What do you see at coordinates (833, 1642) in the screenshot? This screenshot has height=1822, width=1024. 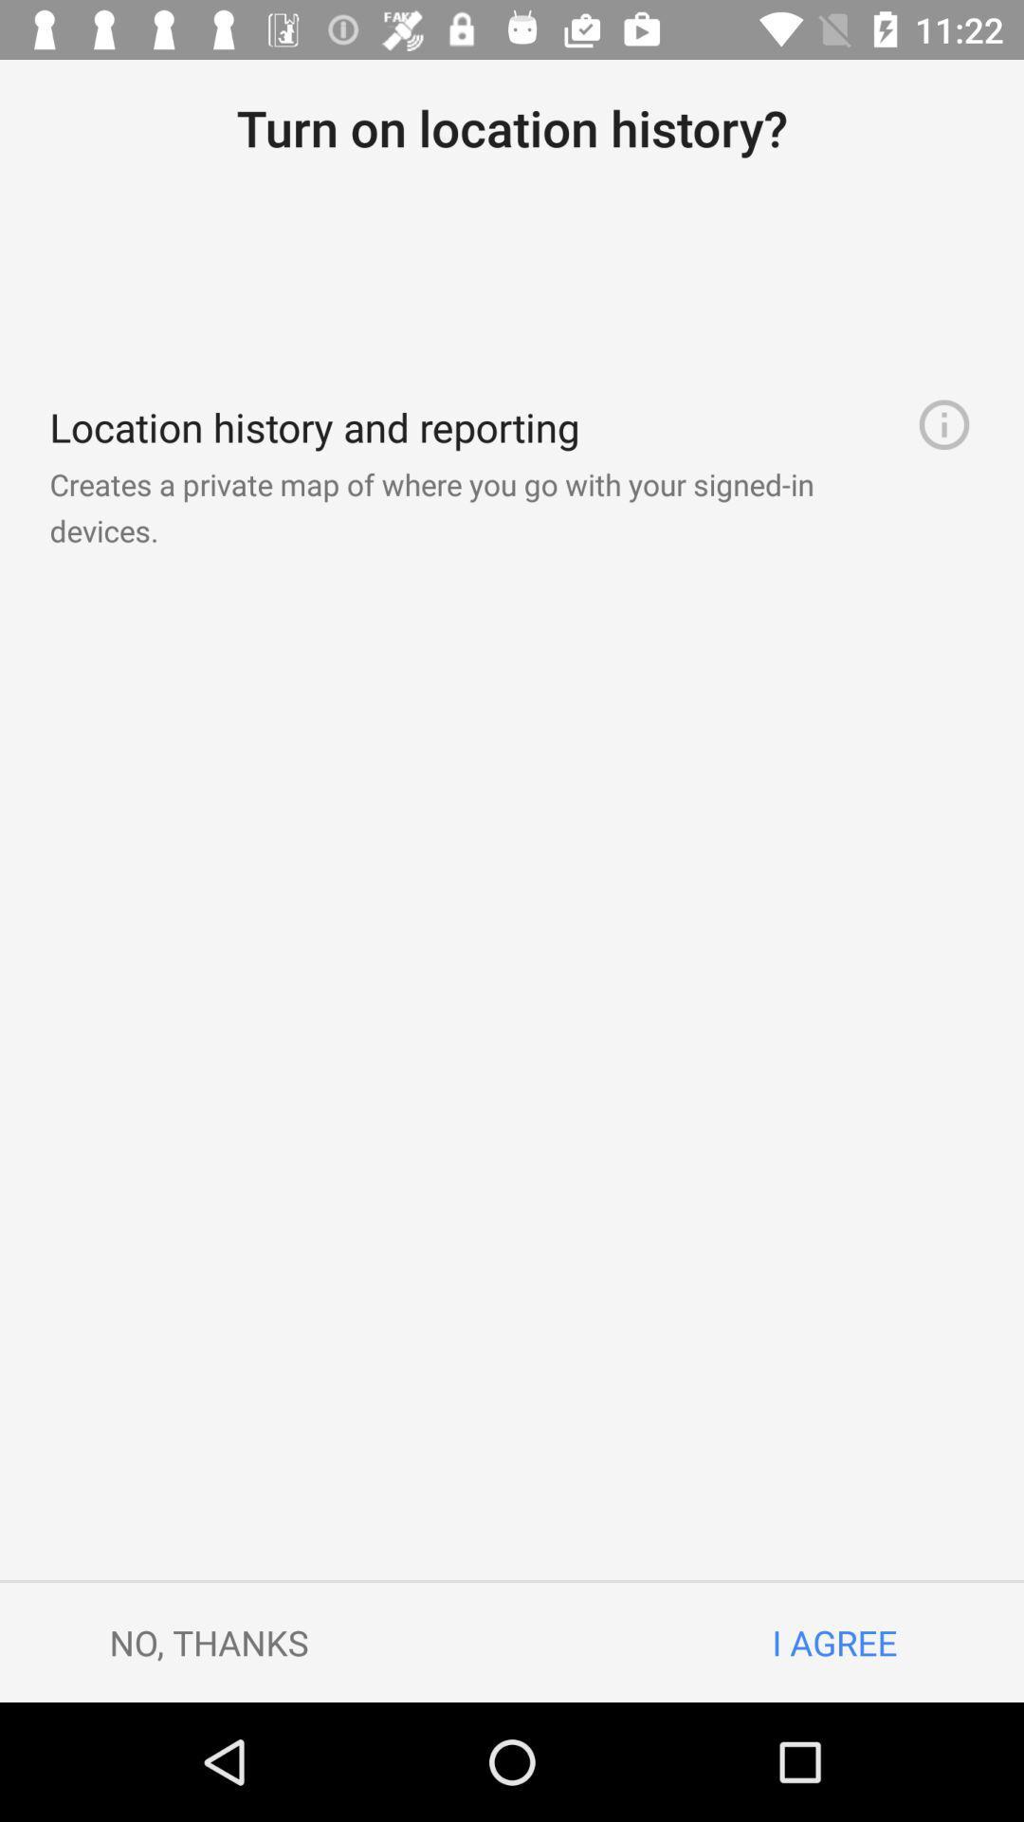 I see `the icon at the bottom right corner` at bounding box center [833, 1642].